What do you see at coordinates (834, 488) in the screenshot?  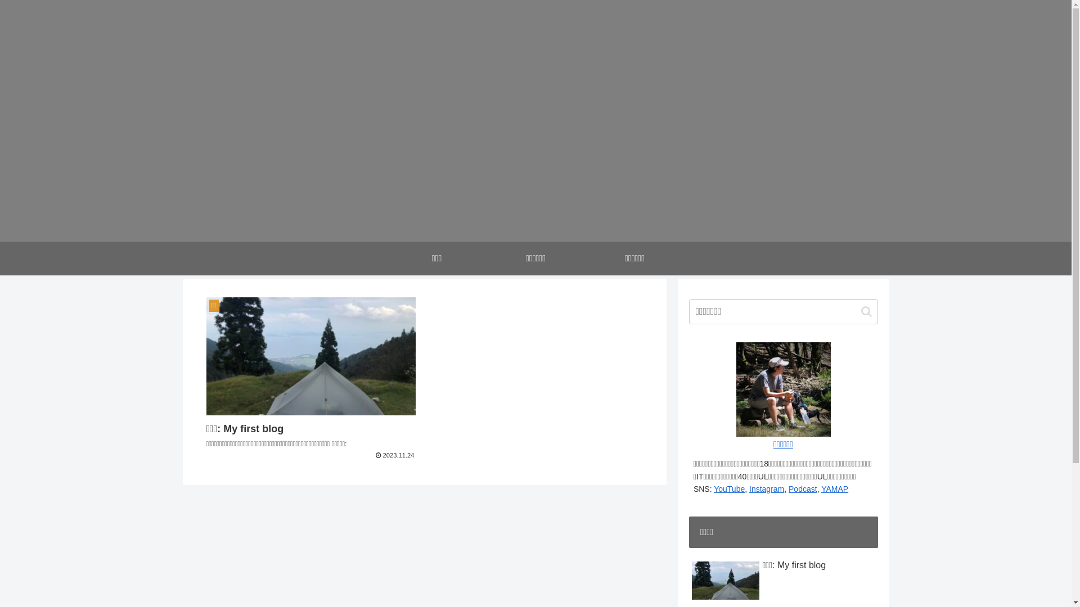 I see `'YAMAP'` at bounding box center [834, 488].